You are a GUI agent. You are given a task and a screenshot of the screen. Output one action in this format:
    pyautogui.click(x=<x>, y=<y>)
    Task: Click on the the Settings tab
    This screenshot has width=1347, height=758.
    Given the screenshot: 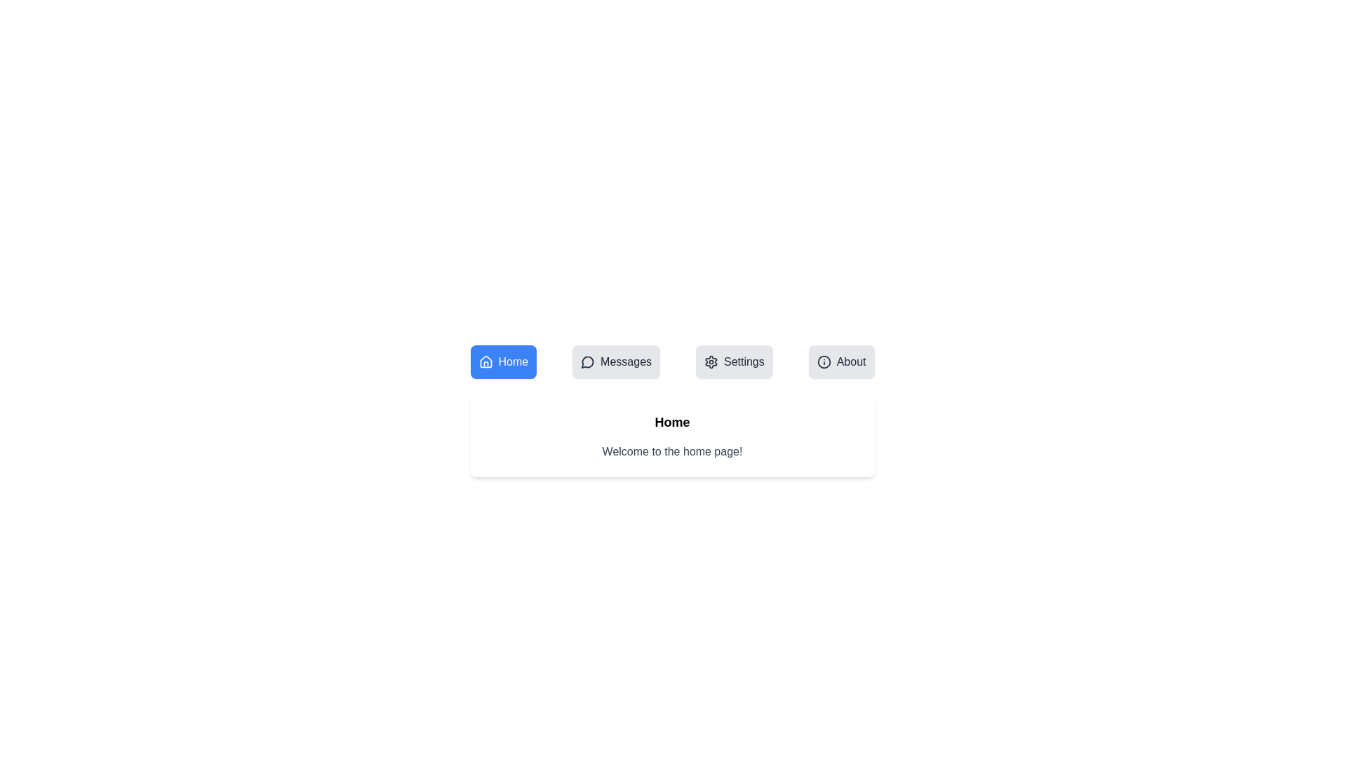 What is the action you would take?
    pyautogui.click(x=733, y=361)
    